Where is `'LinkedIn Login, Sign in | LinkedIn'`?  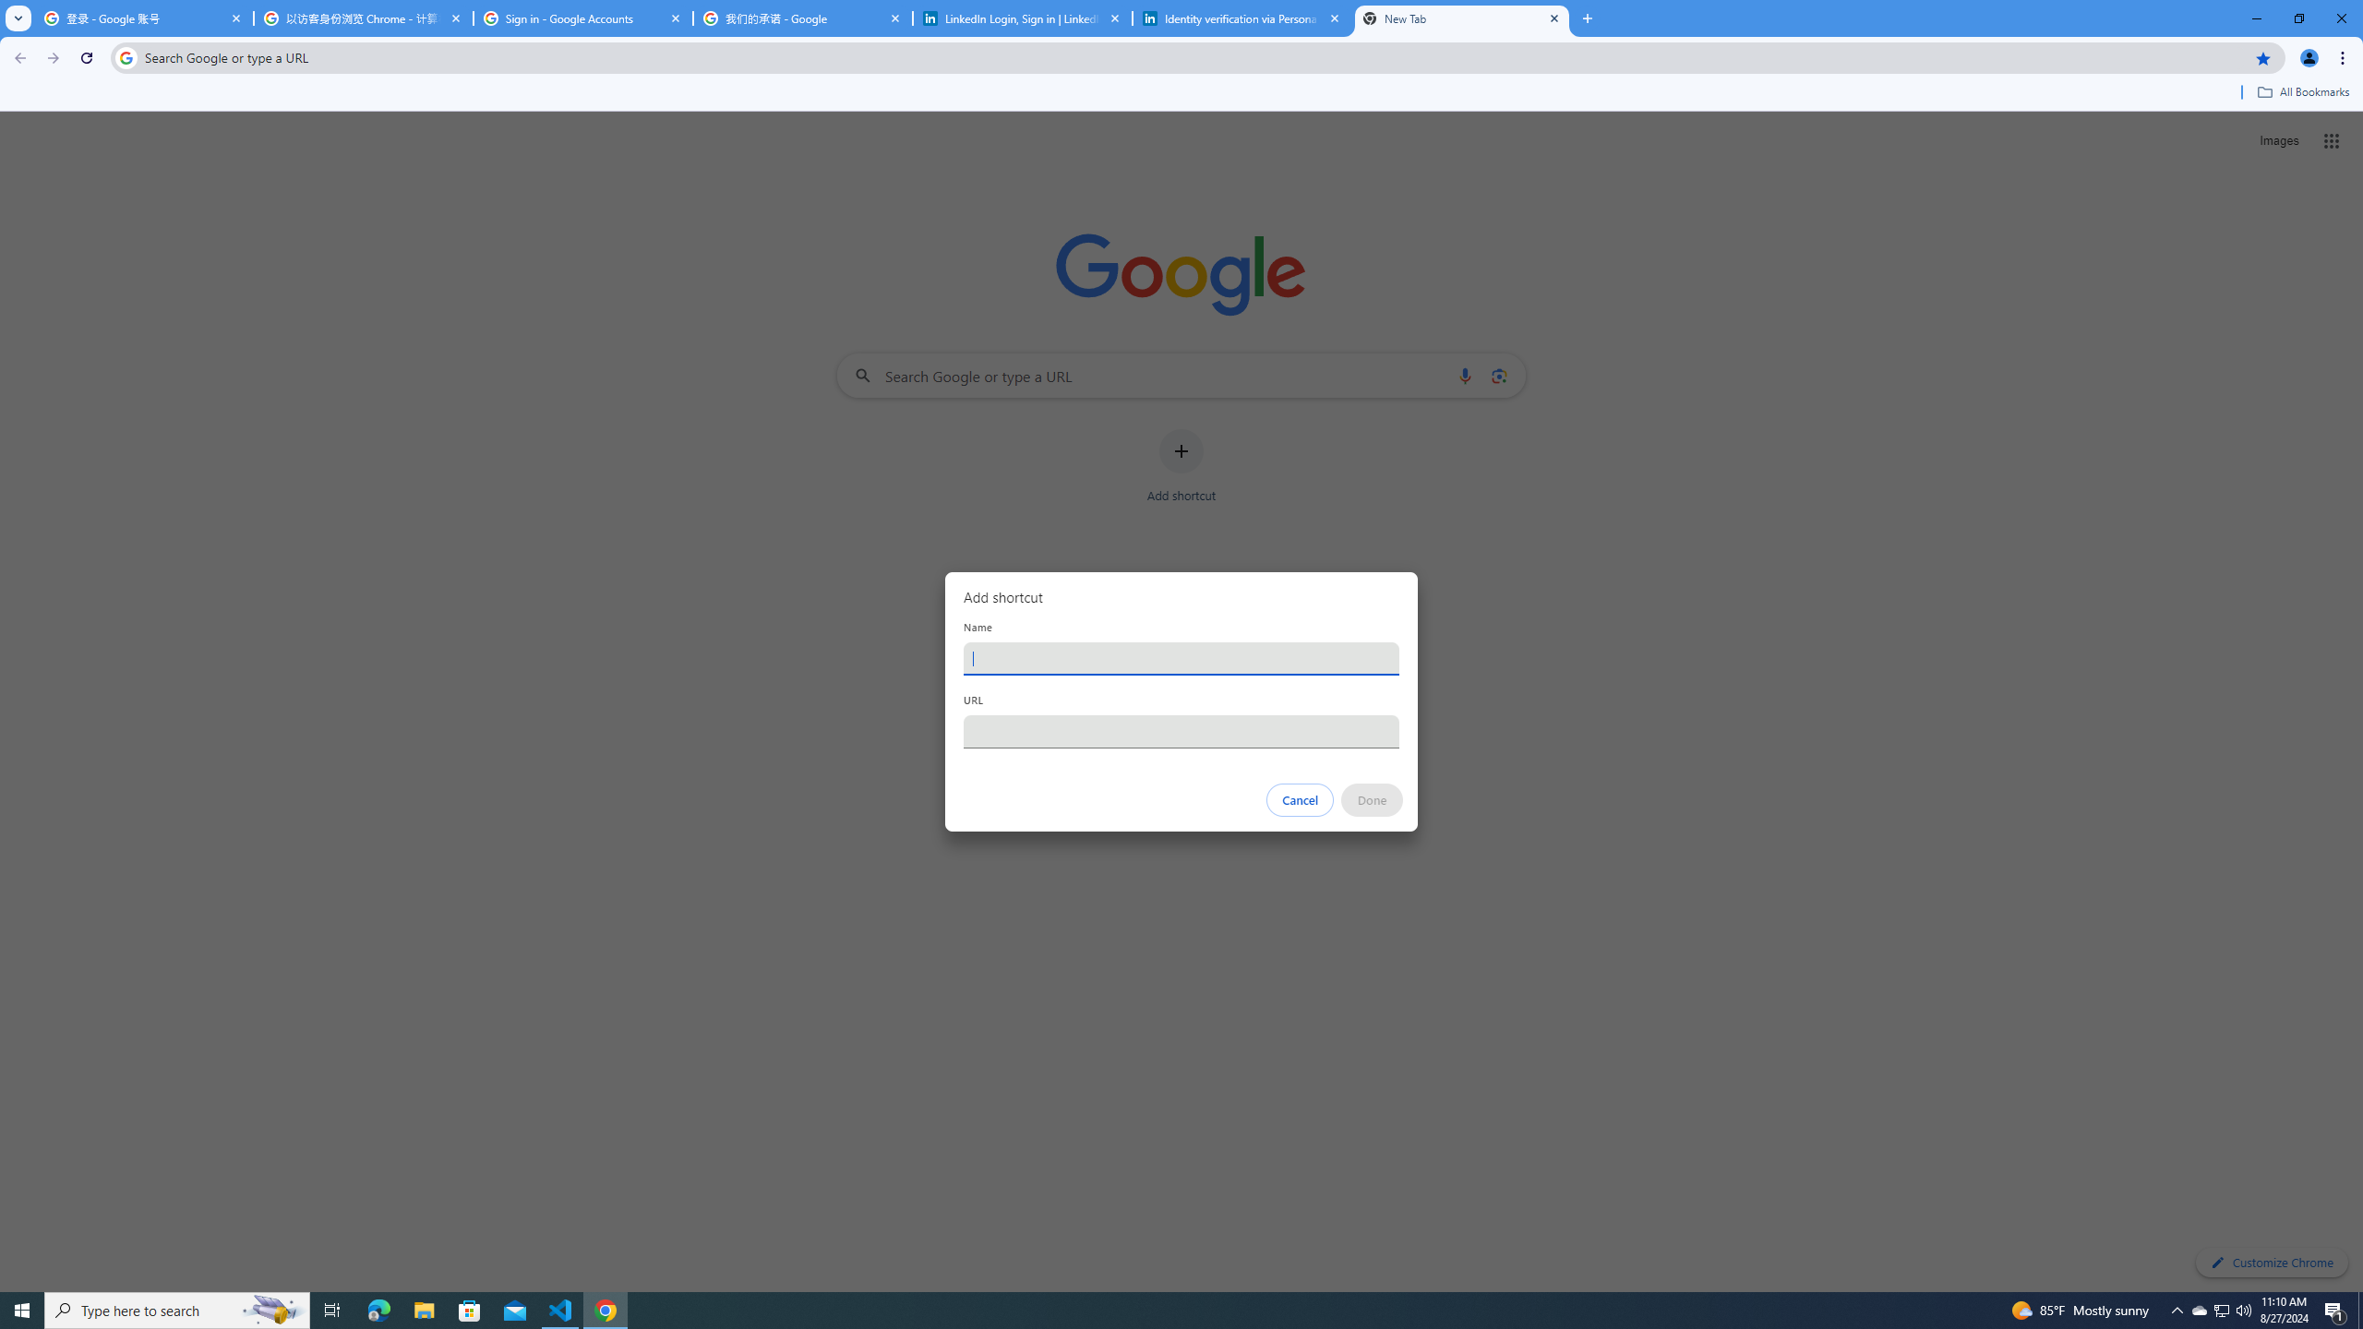
'LinkedIn Login, Sign in | LinkedIn' is located at coordinates (1023, 18).